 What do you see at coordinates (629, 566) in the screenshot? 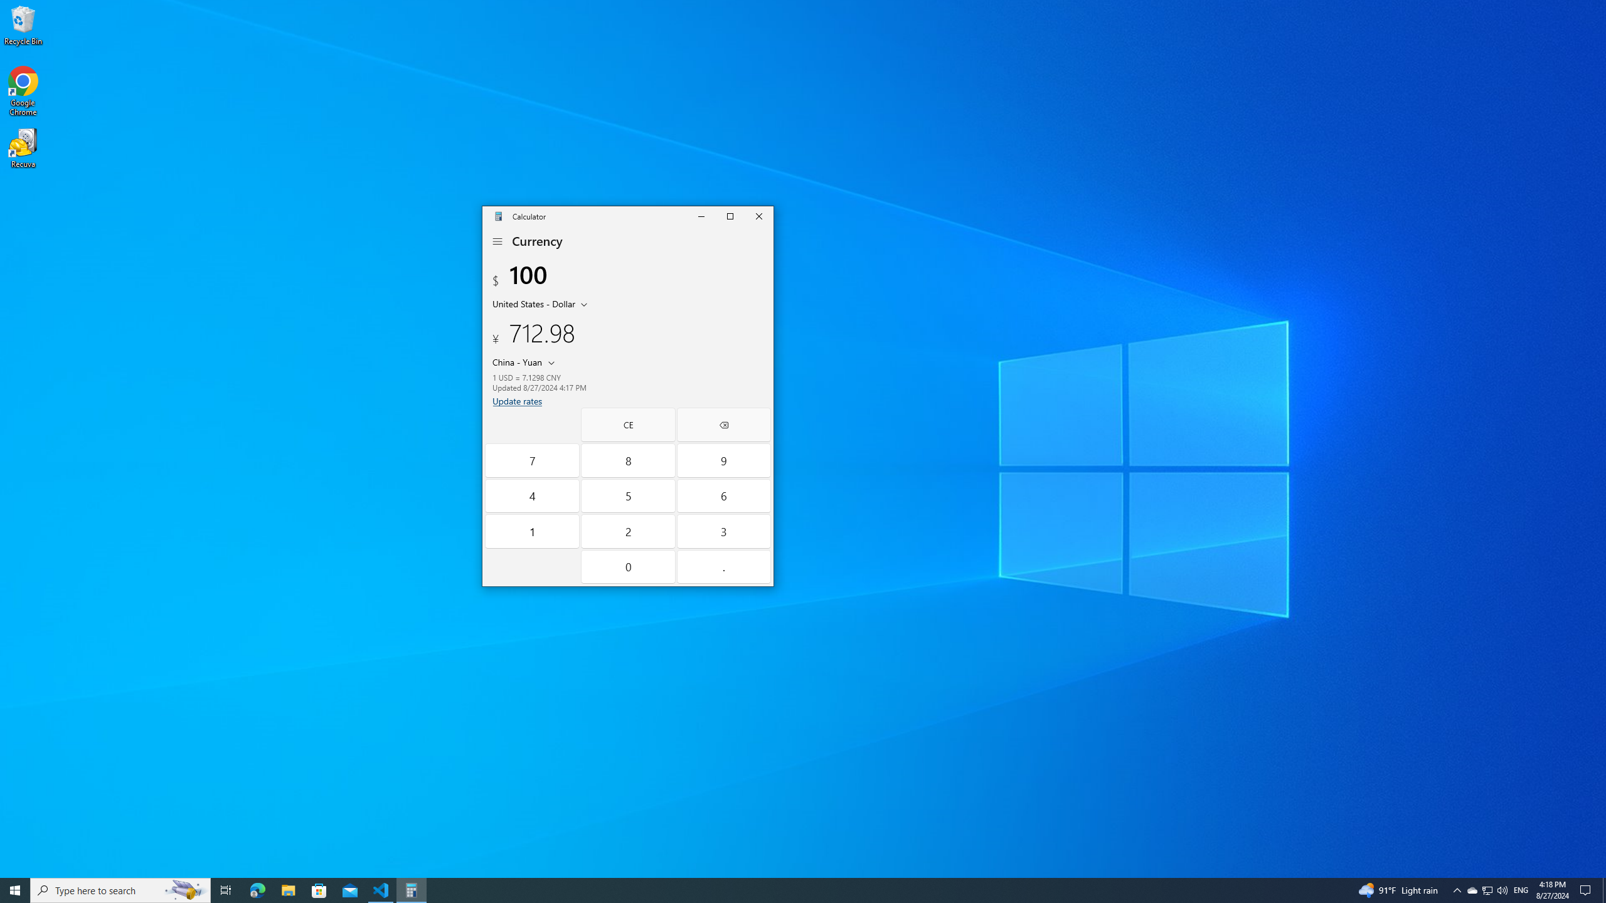
I see `'Zero'` at bounding box center [629, 566].